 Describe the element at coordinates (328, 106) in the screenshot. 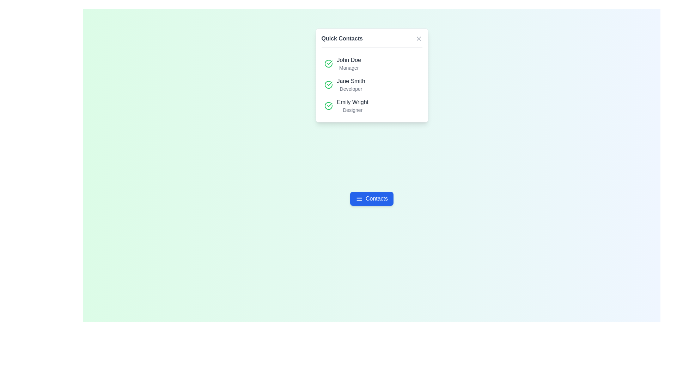

I see `the status indicated by the positive acknowledgment icon associated with 'John Doe' in the 'Quick Contacts' pop-up card` at that location.